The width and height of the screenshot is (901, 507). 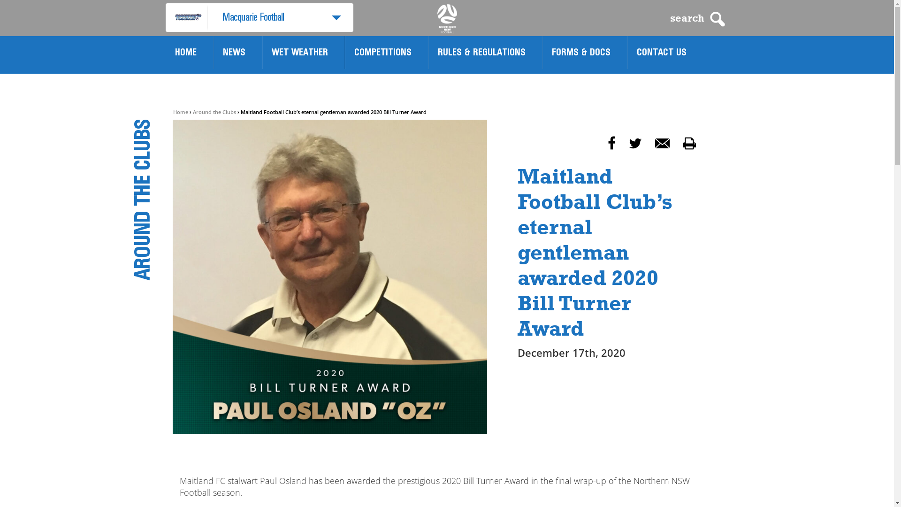 I want to click on 'Around the Clubs', so click(x=214, y=111).